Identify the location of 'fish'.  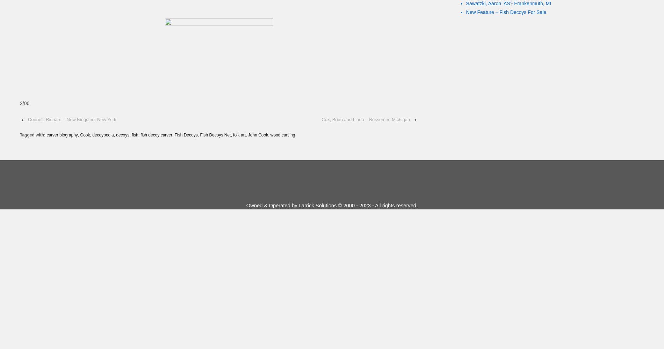
(134, 135).